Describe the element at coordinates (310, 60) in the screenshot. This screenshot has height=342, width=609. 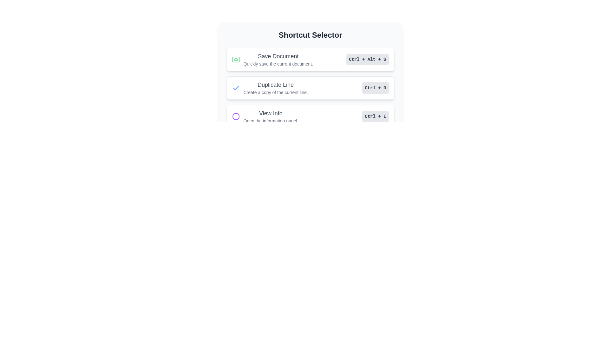
I see `the list item titled 'Save Document' that contains an icon on the left, a description on the right, and a shortcut display on the far right` at that location.